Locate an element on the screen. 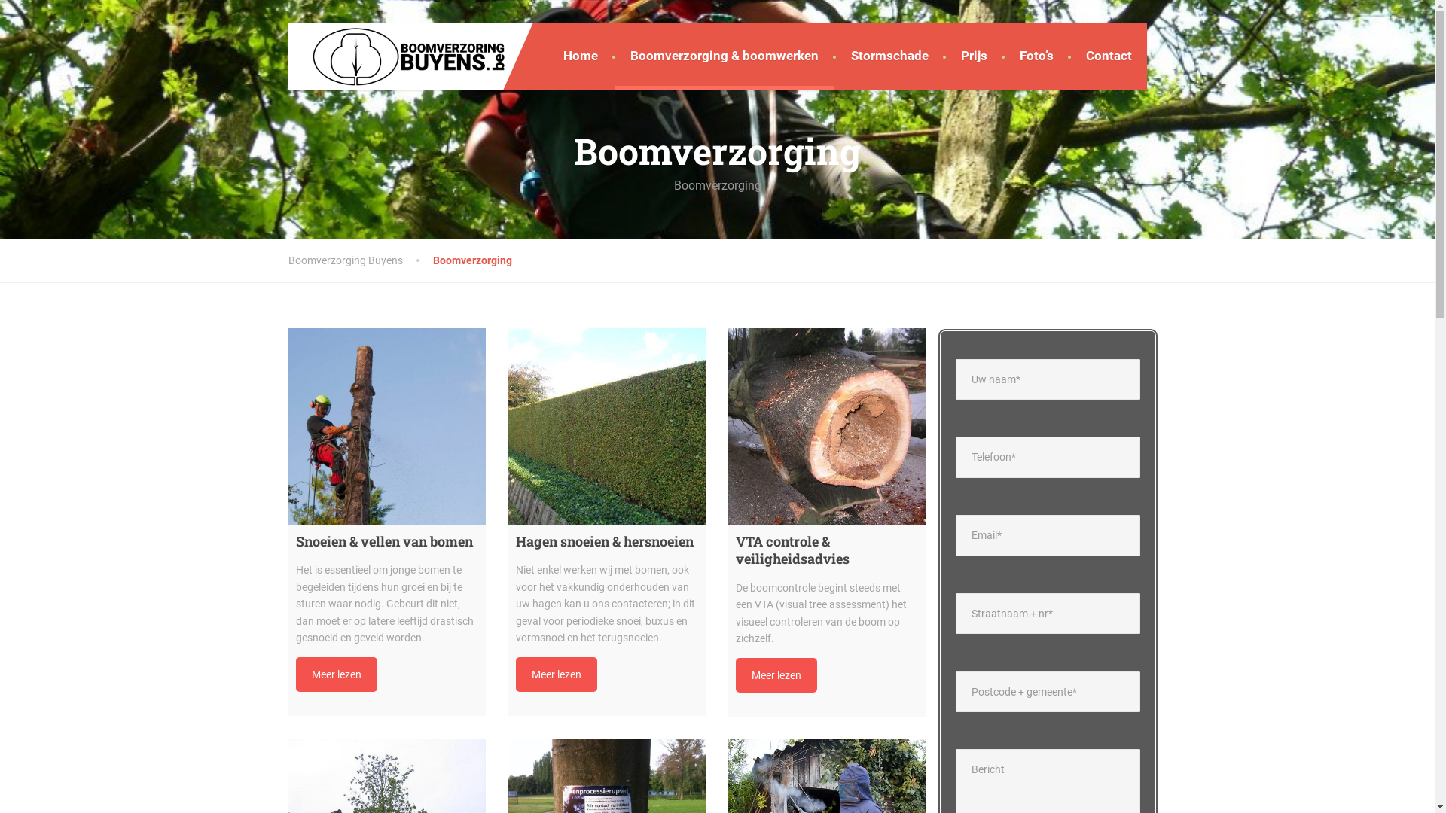 The image size is (1446, 813). 'Meer lezen' is located at coordinates (556, 673).